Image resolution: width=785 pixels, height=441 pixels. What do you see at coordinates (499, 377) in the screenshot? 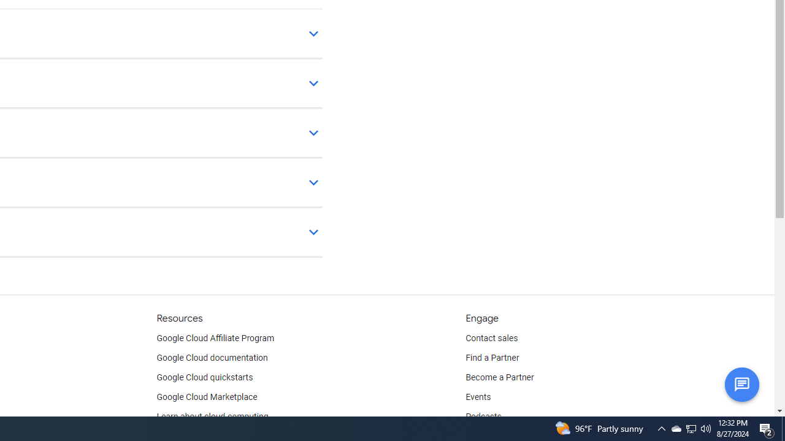
I see `'Become a Partner'` at bounding box center [499, 377].